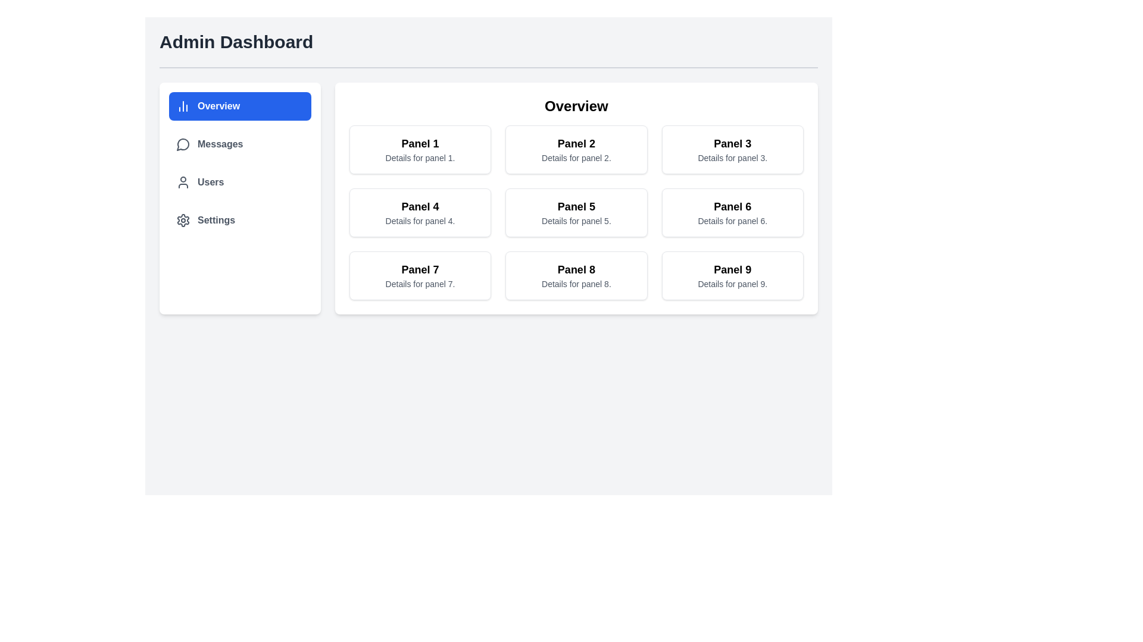 The height and width of the screenshot is (642, 1143). I want to click on the 'Admin Dashboard' text label located prominently near the top left of the interface, beneath the horizontal boundary line and above the main menu list, so click(236, 41).